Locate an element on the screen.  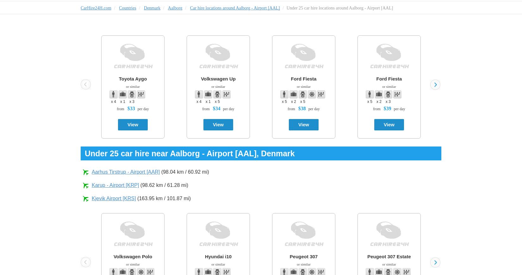
'Volkswagen Polo' is located at coordinates (132, 256).